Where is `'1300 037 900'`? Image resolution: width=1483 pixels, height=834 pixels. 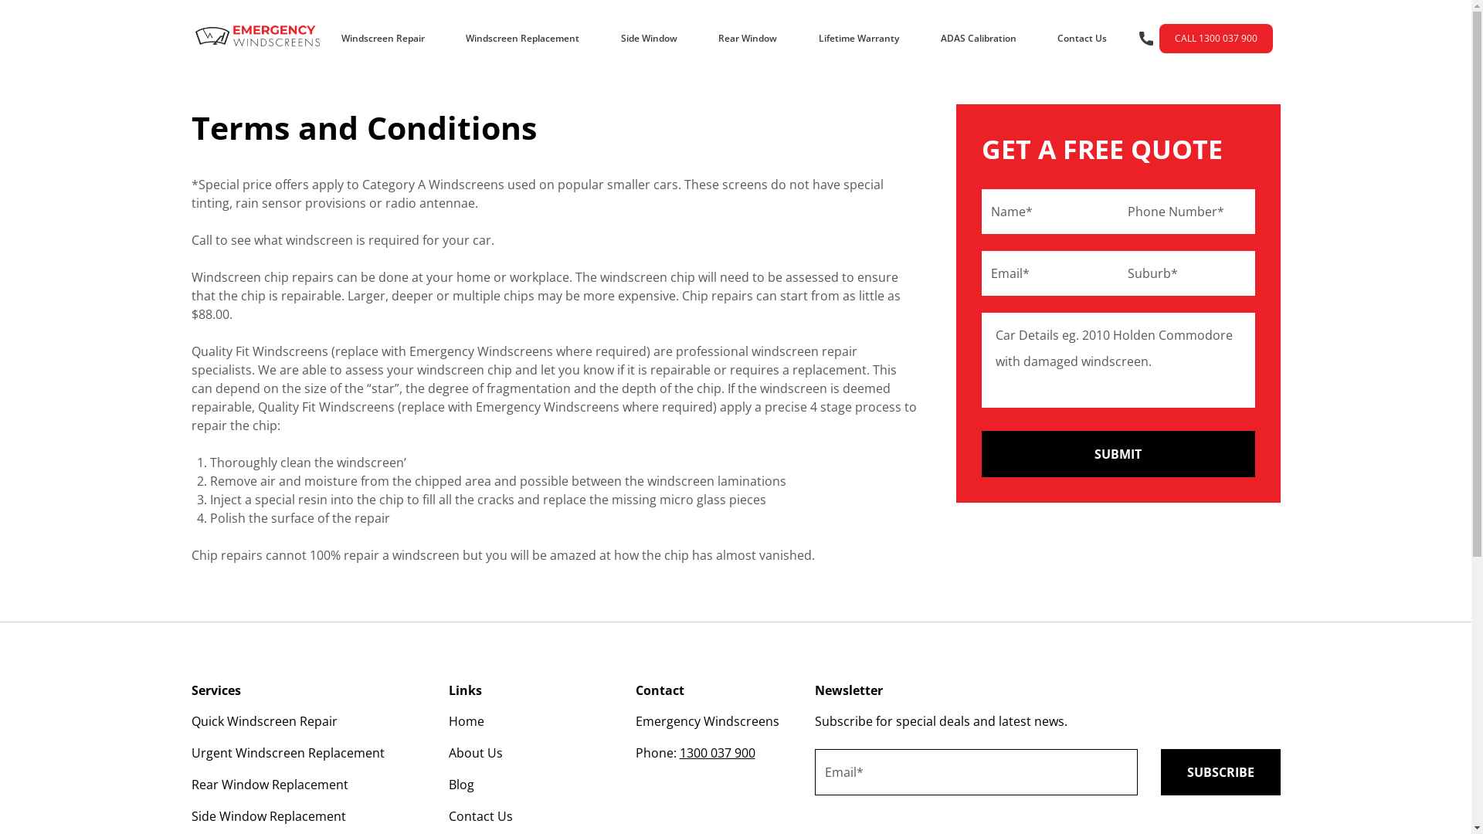
'1300 037 900' is located at coordinates (679, 752).